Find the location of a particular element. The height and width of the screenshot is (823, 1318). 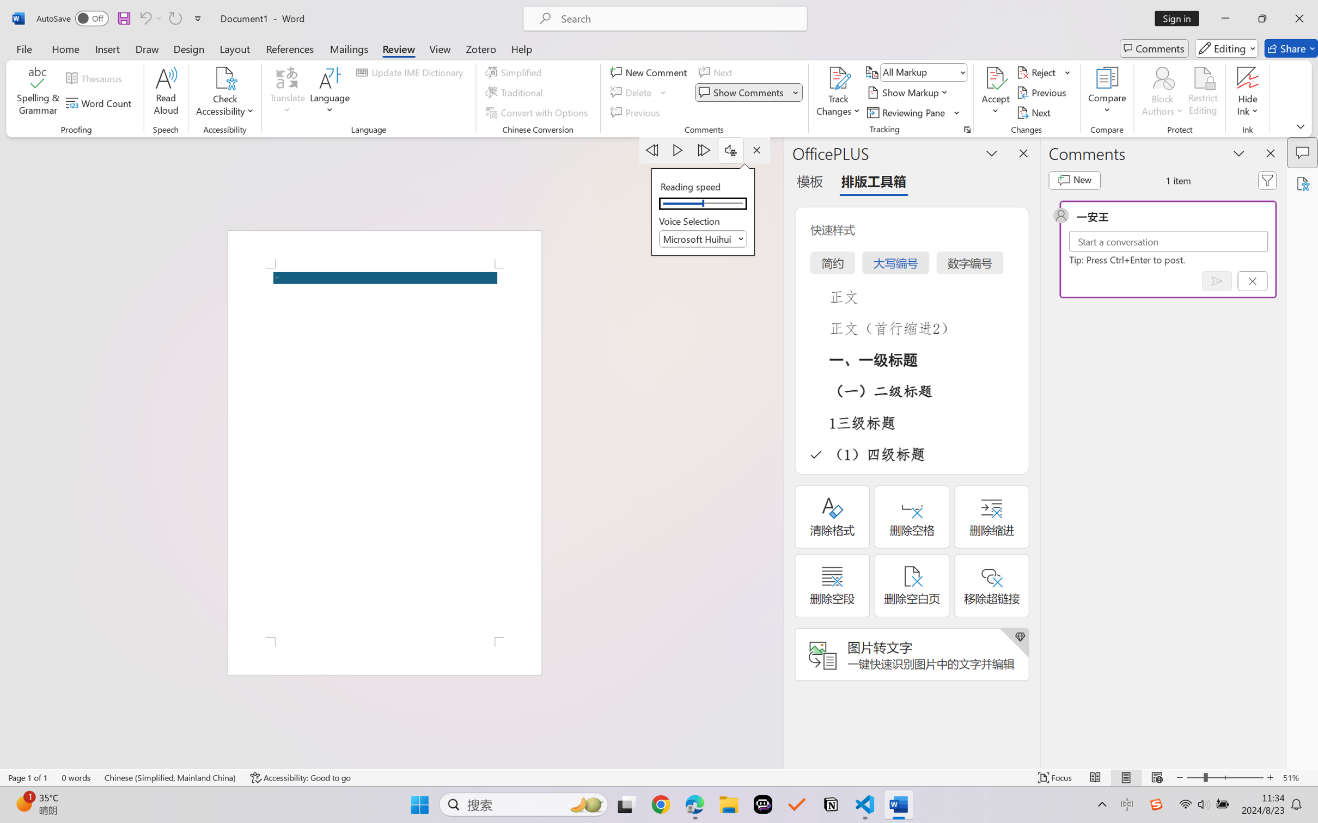

'Block Authors' is located at coordinates (1162, 78).